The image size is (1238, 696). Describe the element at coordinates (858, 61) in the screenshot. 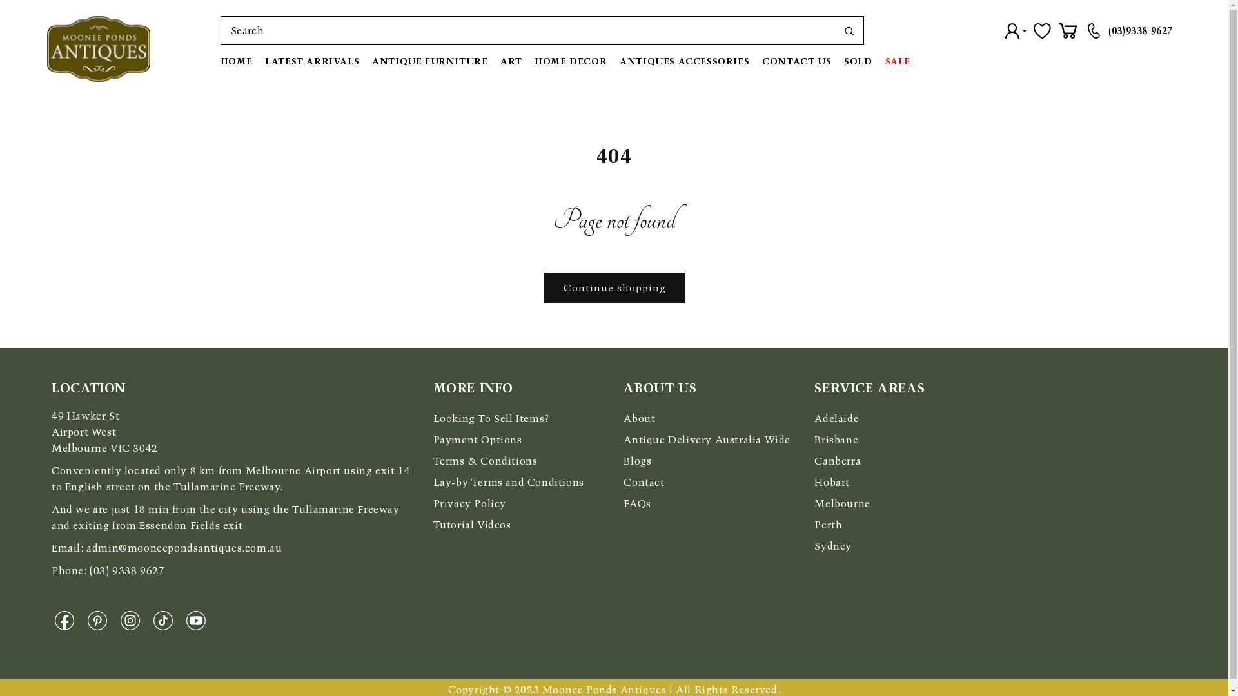

I see `'SOLD'` at that location.